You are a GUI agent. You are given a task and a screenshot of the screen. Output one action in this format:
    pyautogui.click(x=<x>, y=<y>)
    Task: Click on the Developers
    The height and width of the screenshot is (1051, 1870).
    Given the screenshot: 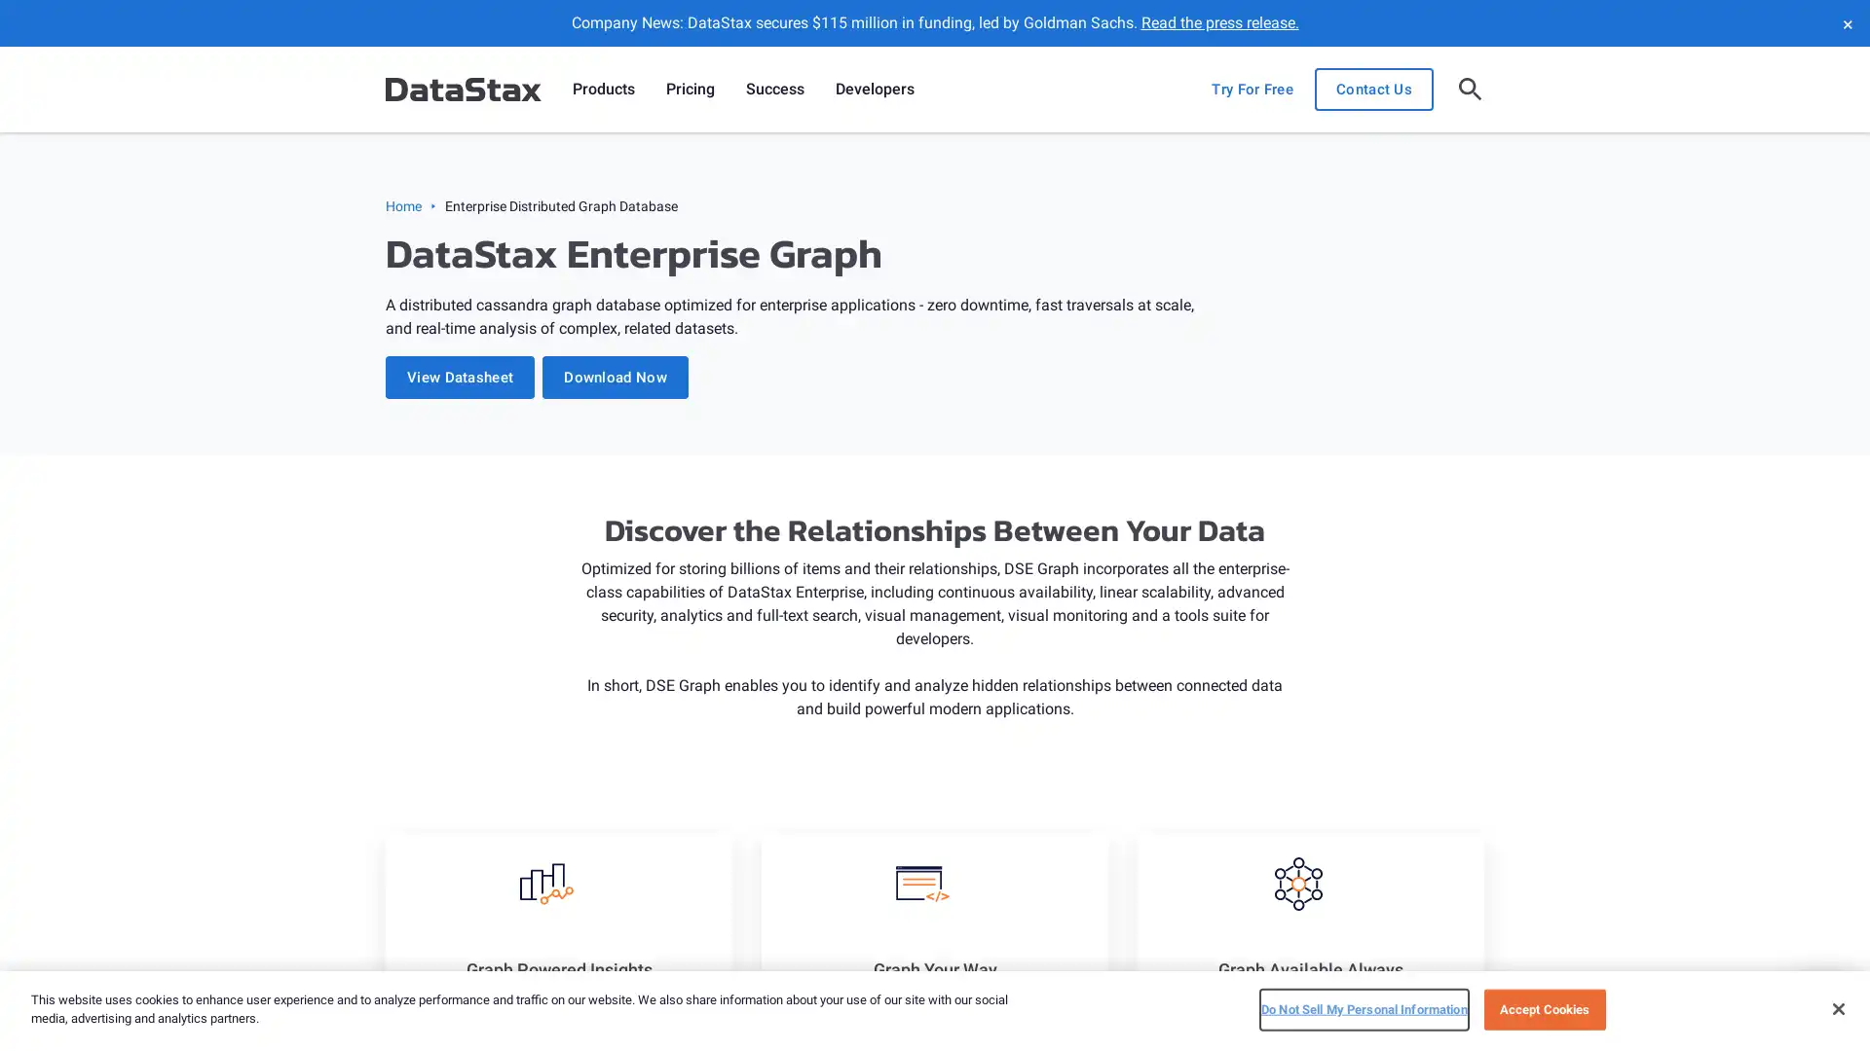 What is the action you would take?
    pyautogui.click(x=874, y=90)
    